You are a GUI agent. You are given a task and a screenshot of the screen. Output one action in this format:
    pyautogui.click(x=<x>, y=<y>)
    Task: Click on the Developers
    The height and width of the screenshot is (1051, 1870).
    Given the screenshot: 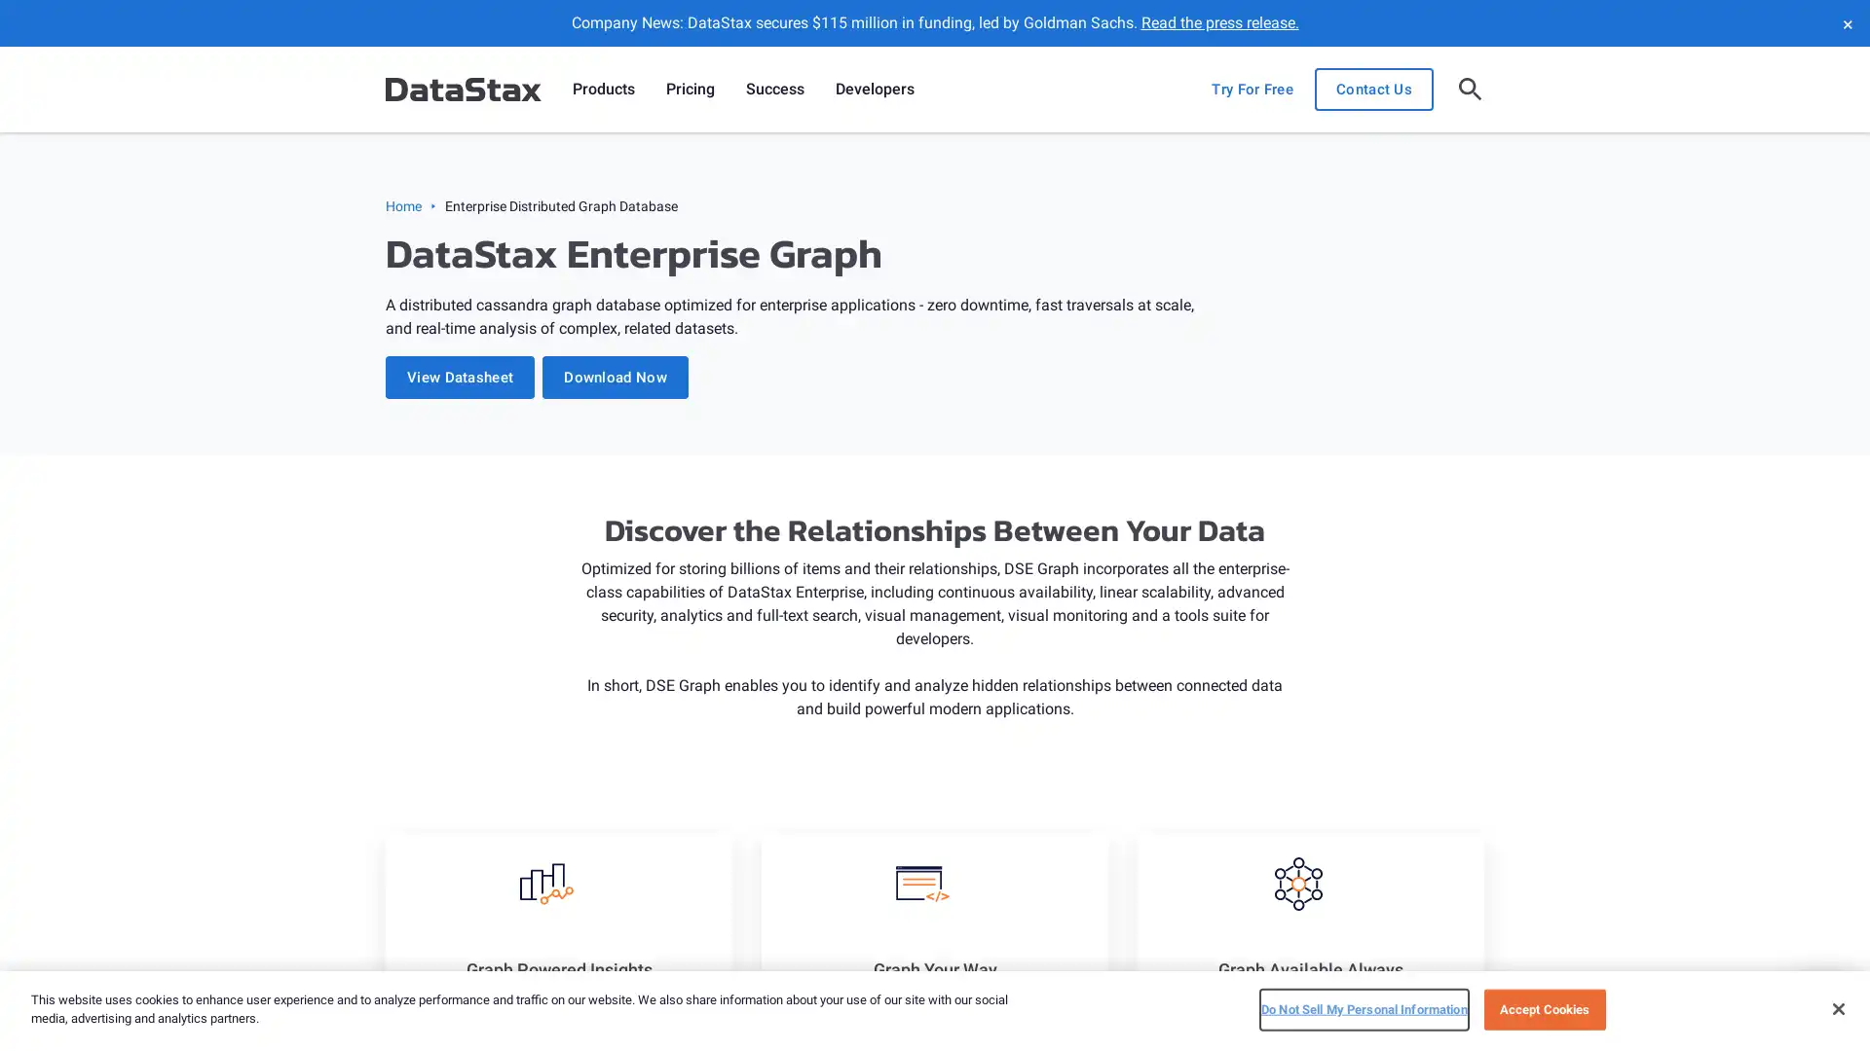 What is the action you would take?
    pyautogui.click(x=874, y=90)
    